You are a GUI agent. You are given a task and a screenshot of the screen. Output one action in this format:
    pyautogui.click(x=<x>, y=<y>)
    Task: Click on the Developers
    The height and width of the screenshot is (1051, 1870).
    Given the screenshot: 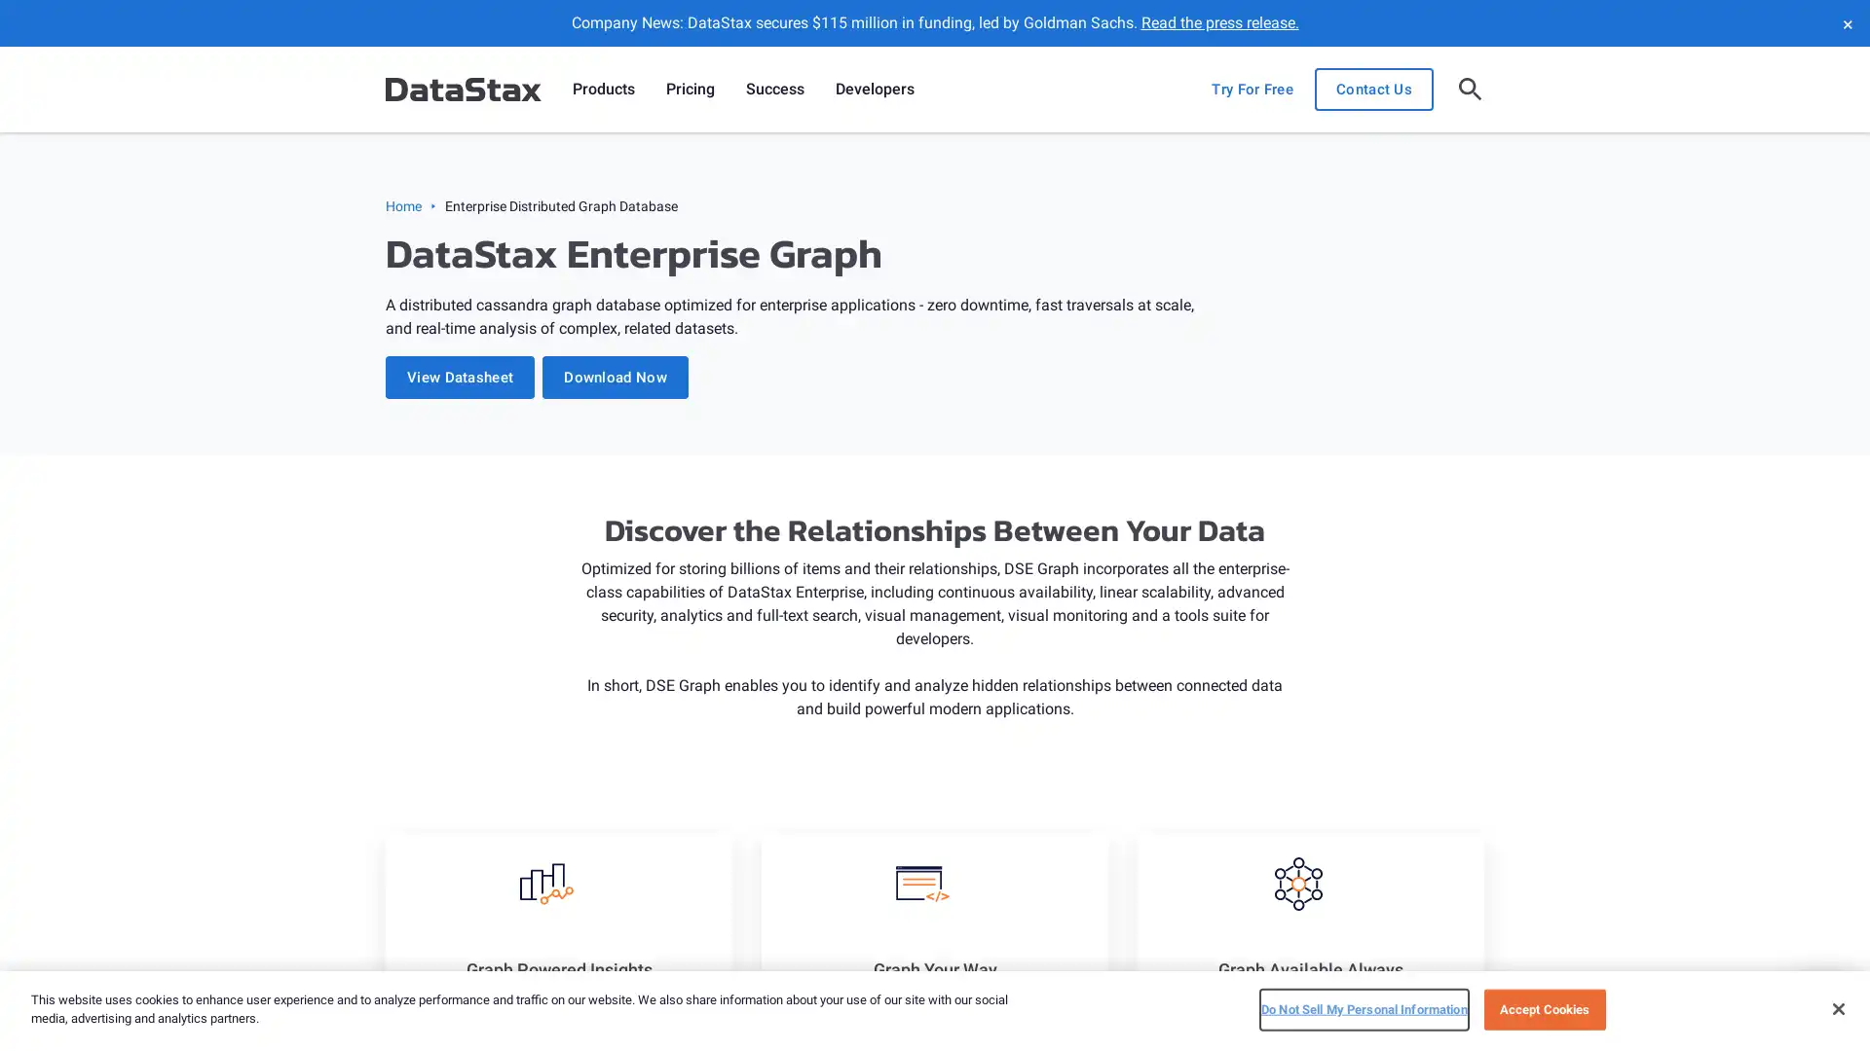 What is the action you would take?
    pyautogui.click(x=874, y=90)
    